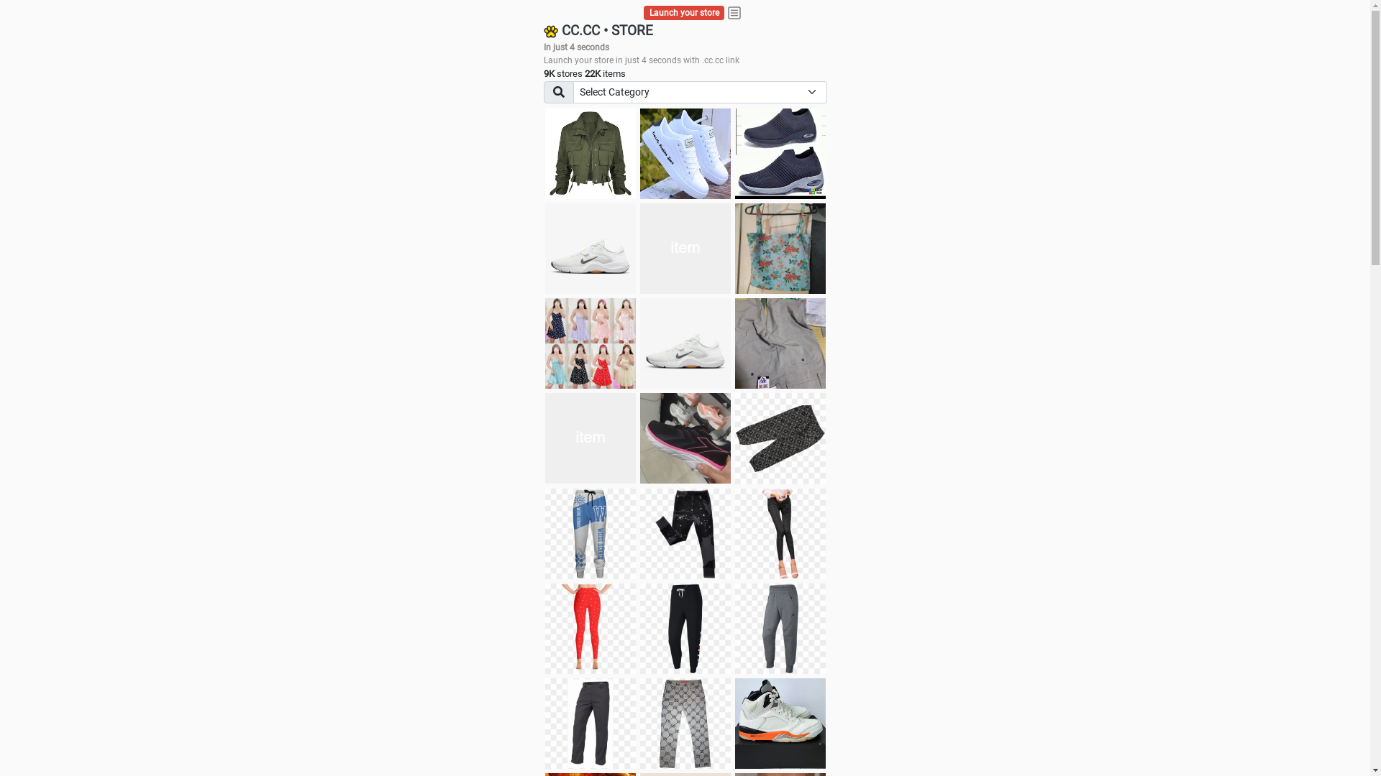 The image size is (1381, 776). I want to click on 'Launch your store', so click(683, 13).